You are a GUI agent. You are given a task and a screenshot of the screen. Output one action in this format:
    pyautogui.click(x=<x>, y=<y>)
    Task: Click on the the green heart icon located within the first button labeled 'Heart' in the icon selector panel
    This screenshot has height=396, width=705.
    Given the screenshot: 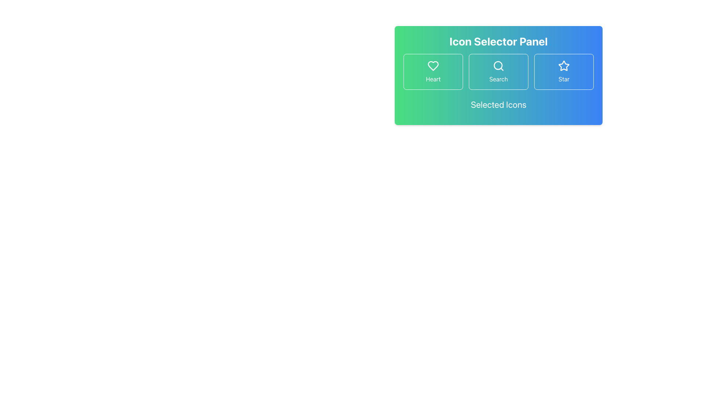 What is the action you would take?
    pyautogui.click(x=433, y=66)
    